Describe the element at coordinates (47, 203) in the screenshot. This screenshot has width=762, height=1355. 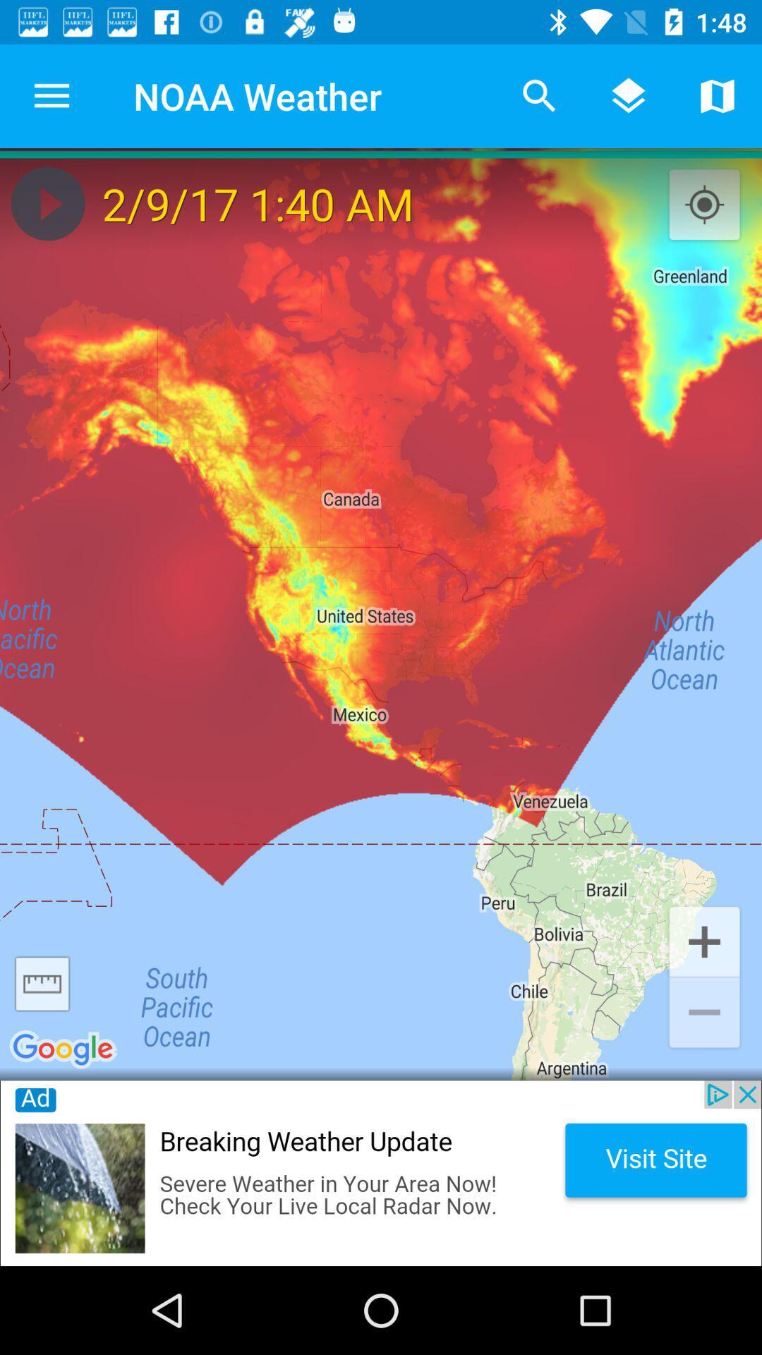
I see `play` at that location.